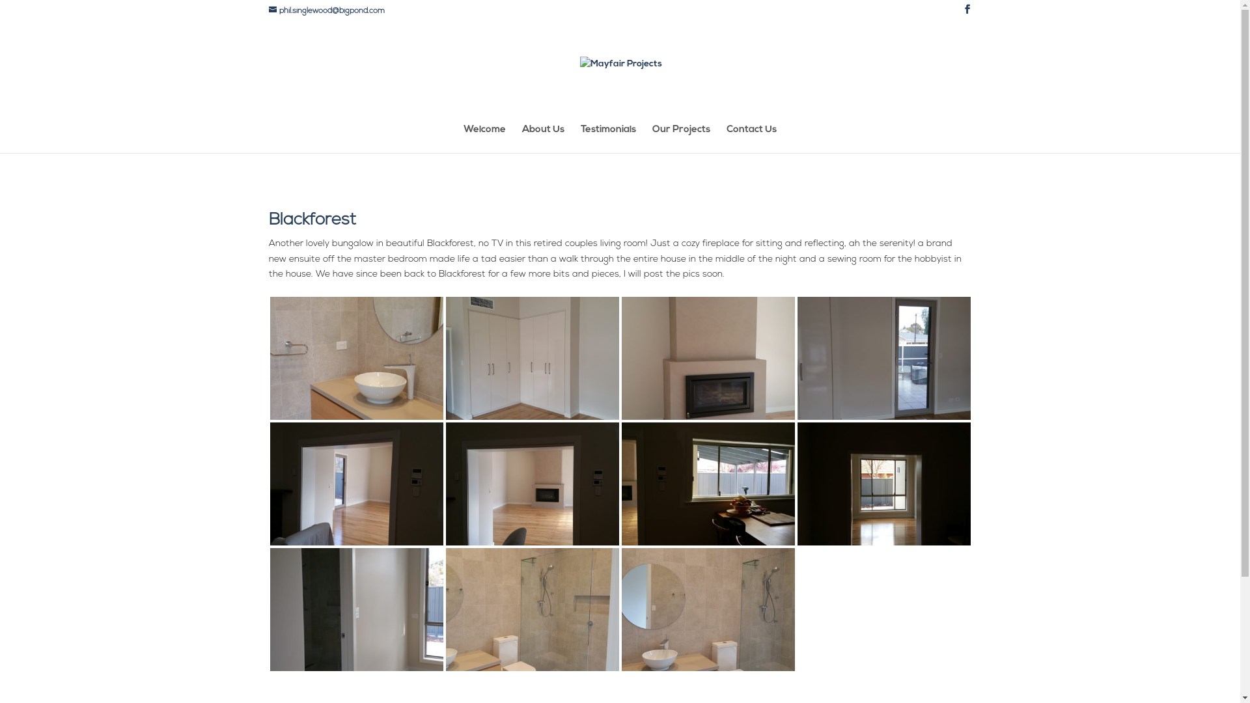 This screenshot has height=703, width=1250. I want to click on 'phil.singlewood@bigpond.com', so click(326, 10).